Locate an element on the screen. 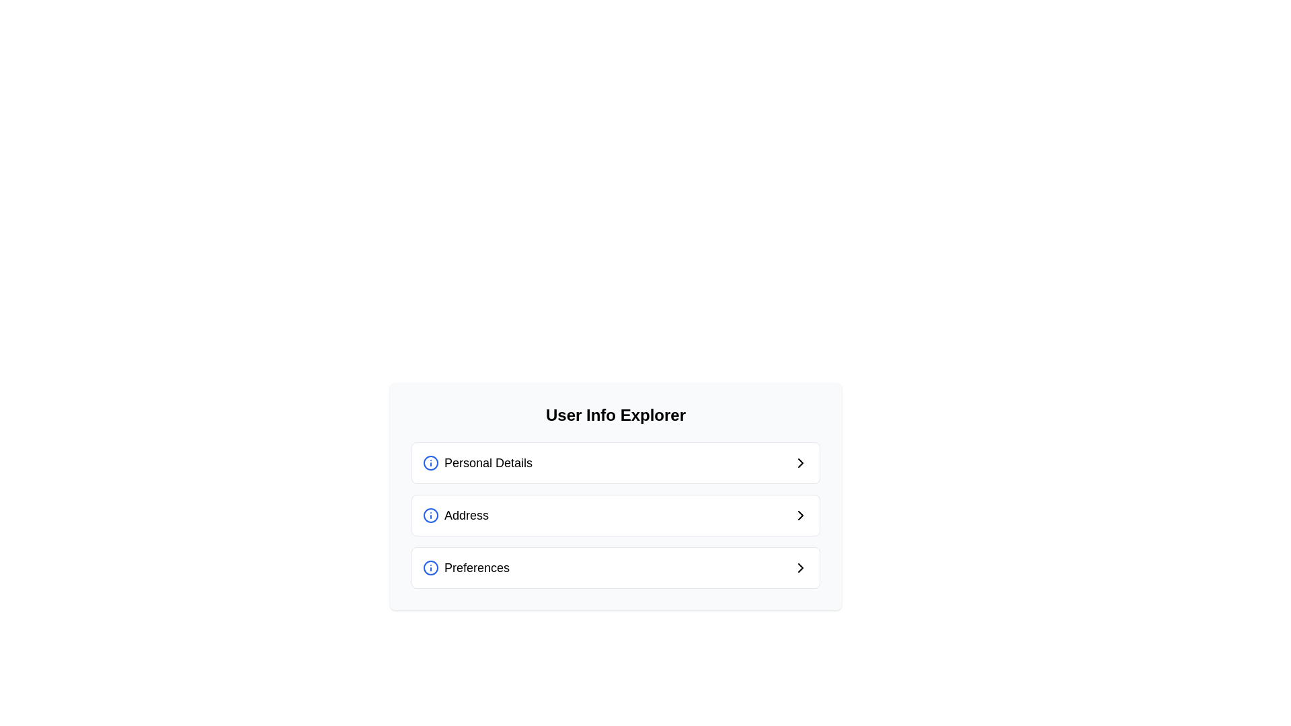 The width and height of the screenshot is (1291, 726). the 'Preferences' text label is located at coordinates (477, 567).